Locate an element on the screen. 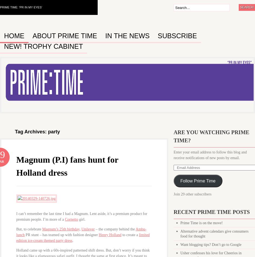  'Want blogging tips? Don’t go to Google' is located at coordinates (211, 244).